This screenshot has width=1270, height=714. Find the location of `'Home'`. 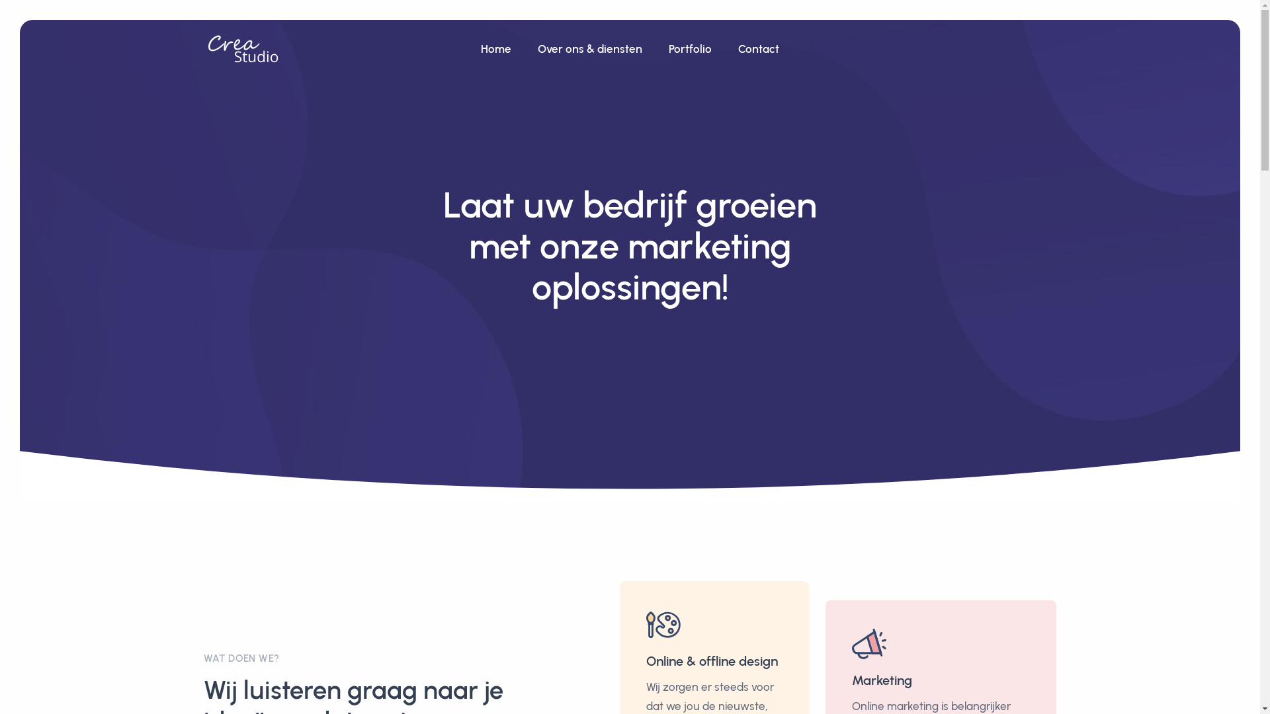

'Home' is located at coordinates (467, 48).